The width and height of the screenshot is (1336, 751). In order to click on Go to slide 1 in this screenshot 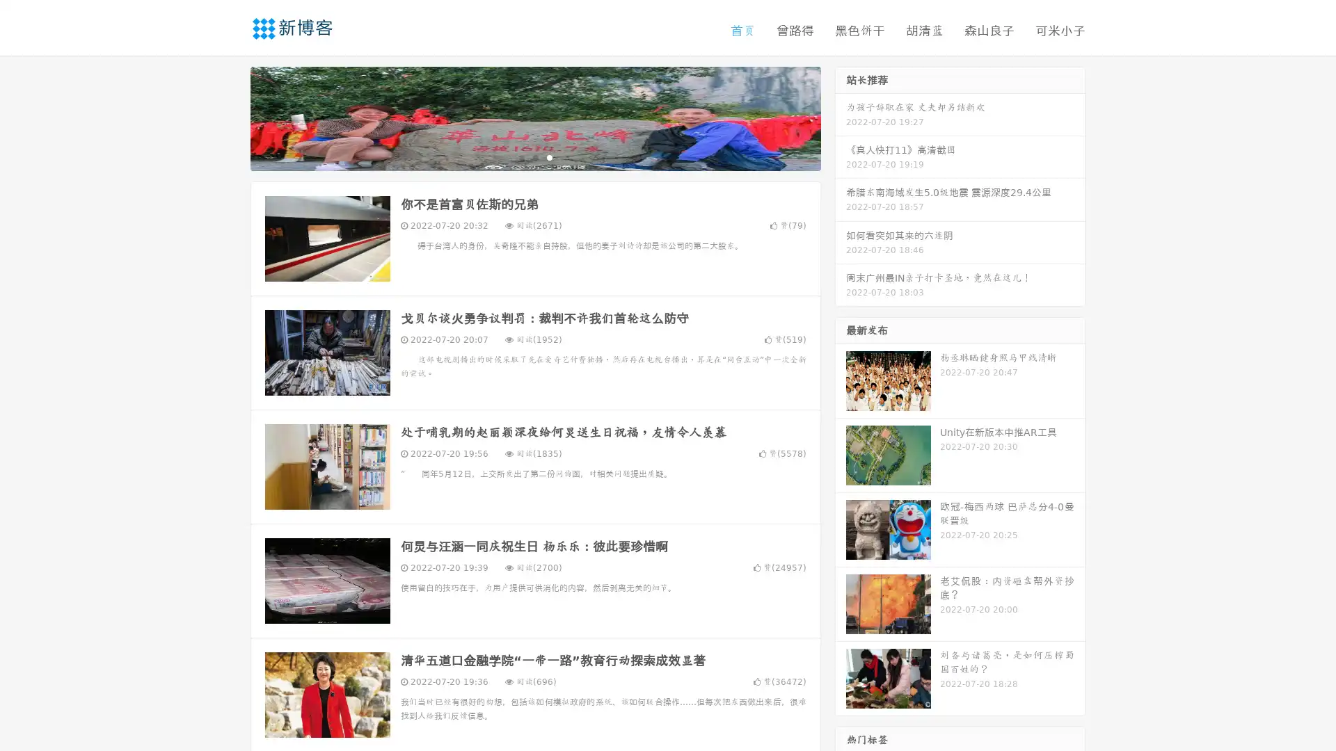, I will do `click(520, 156)`.